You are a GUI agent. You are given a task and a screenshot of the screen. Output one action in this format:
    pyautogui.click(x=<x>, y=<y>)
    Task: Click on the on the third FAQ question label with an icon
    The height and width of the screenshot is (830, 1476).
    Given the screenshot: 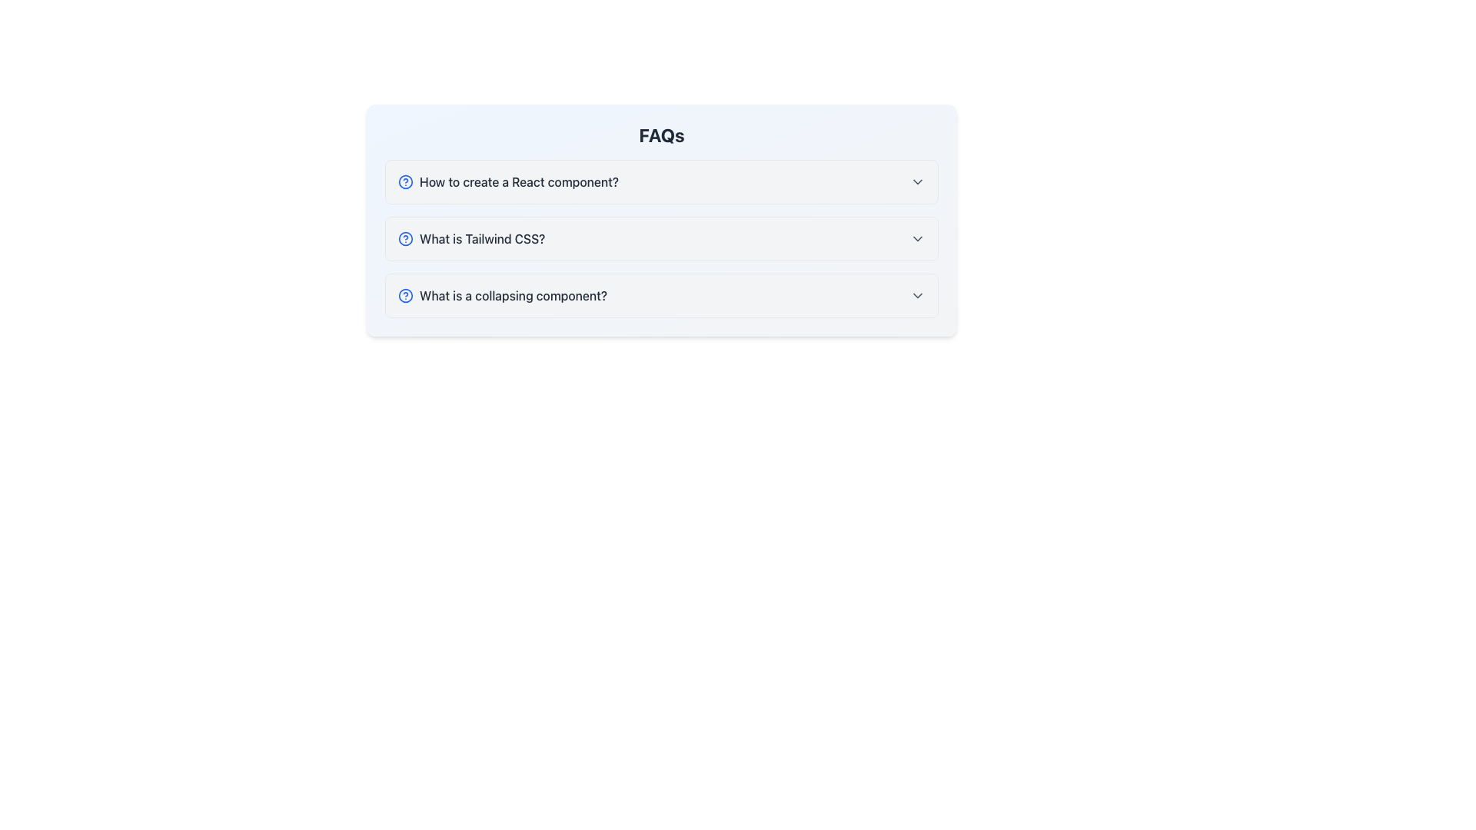 What is the action you would take?
    pyautogui.click(x=503, y=296)
    